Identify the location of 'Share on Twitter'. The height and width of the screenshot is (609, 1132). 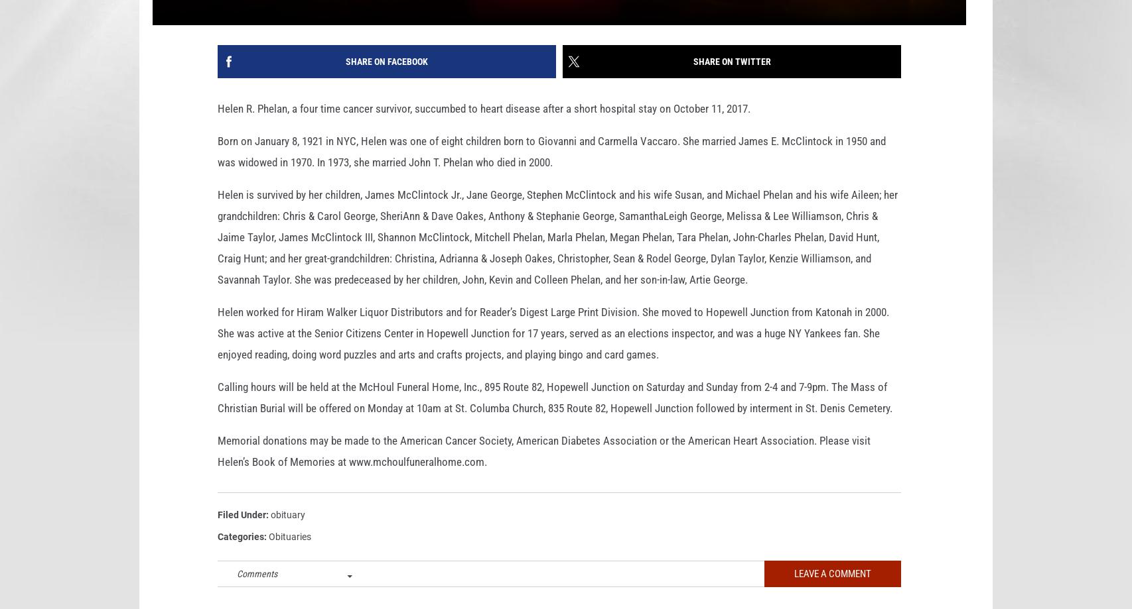
(731, 82).